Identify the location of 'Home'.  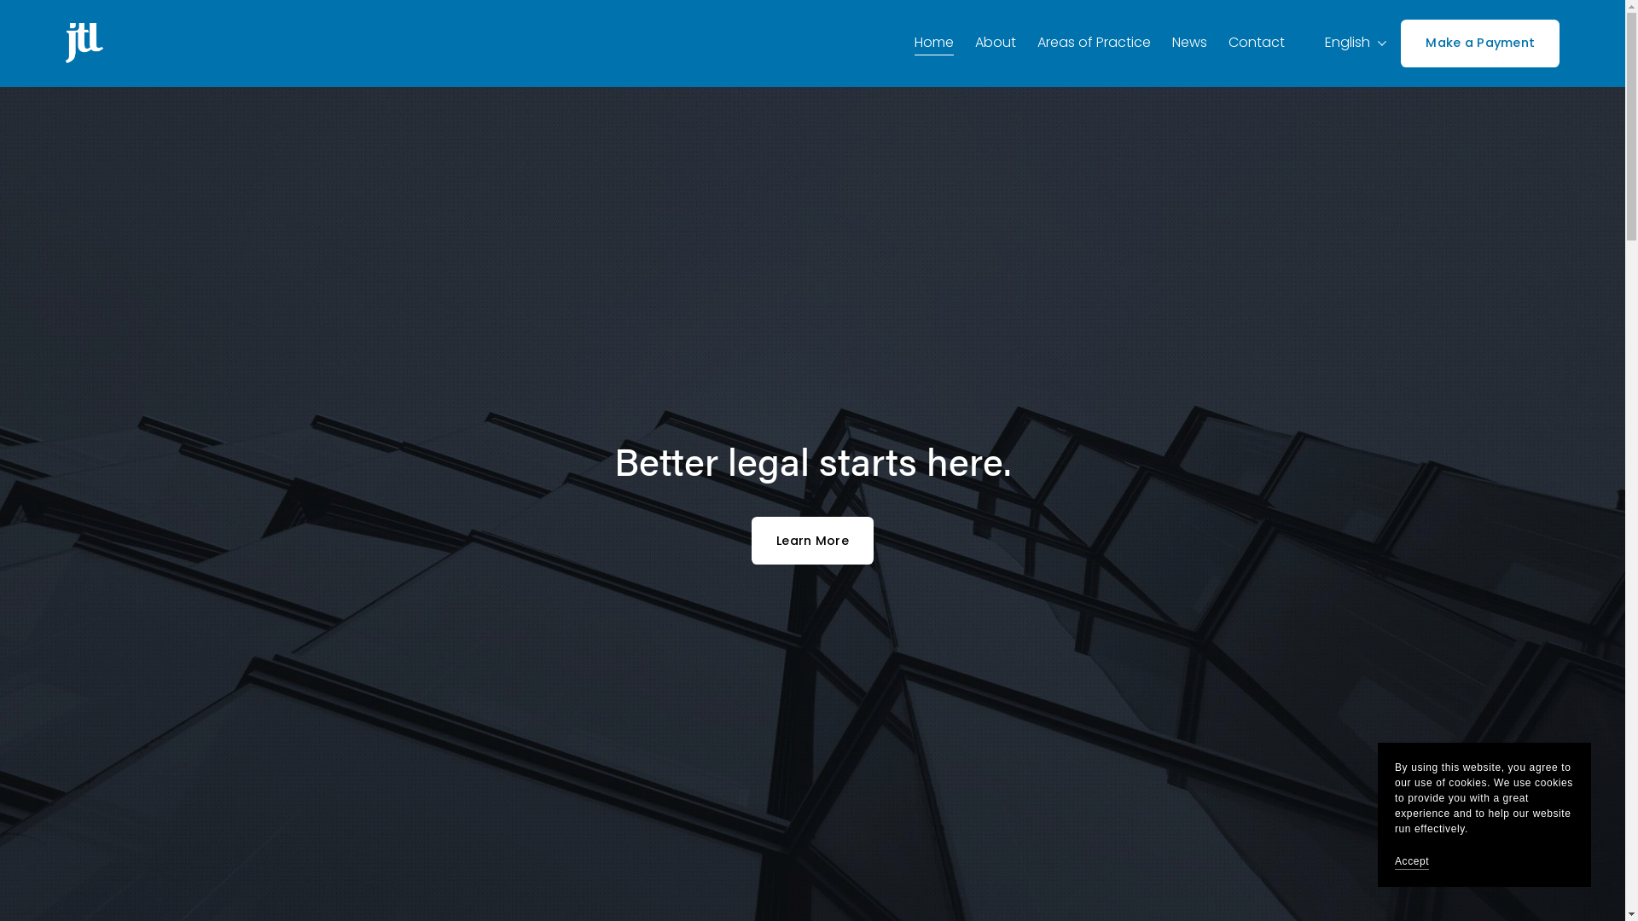
(932, 42).